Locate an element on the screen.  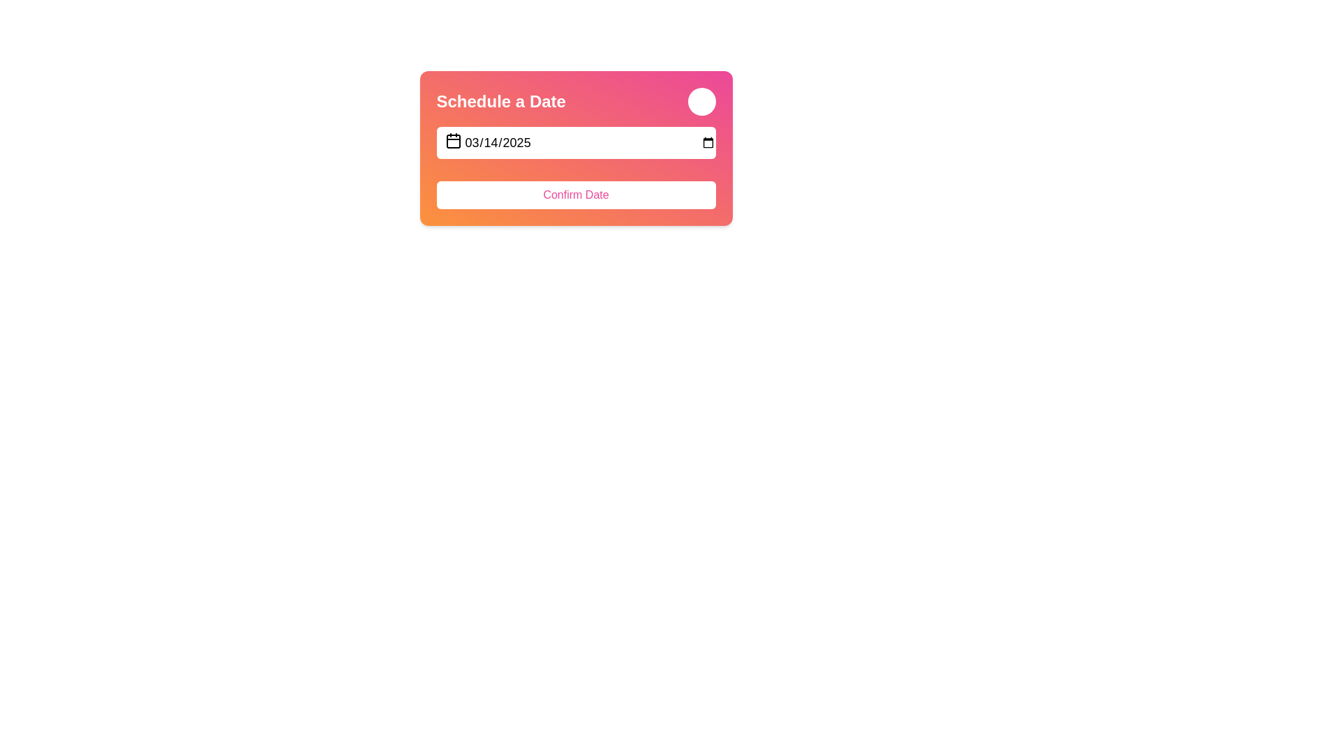
the 'Confirm Date' button, which has a white background, pink text, and a rounded border is located at coordinates (576, 195).